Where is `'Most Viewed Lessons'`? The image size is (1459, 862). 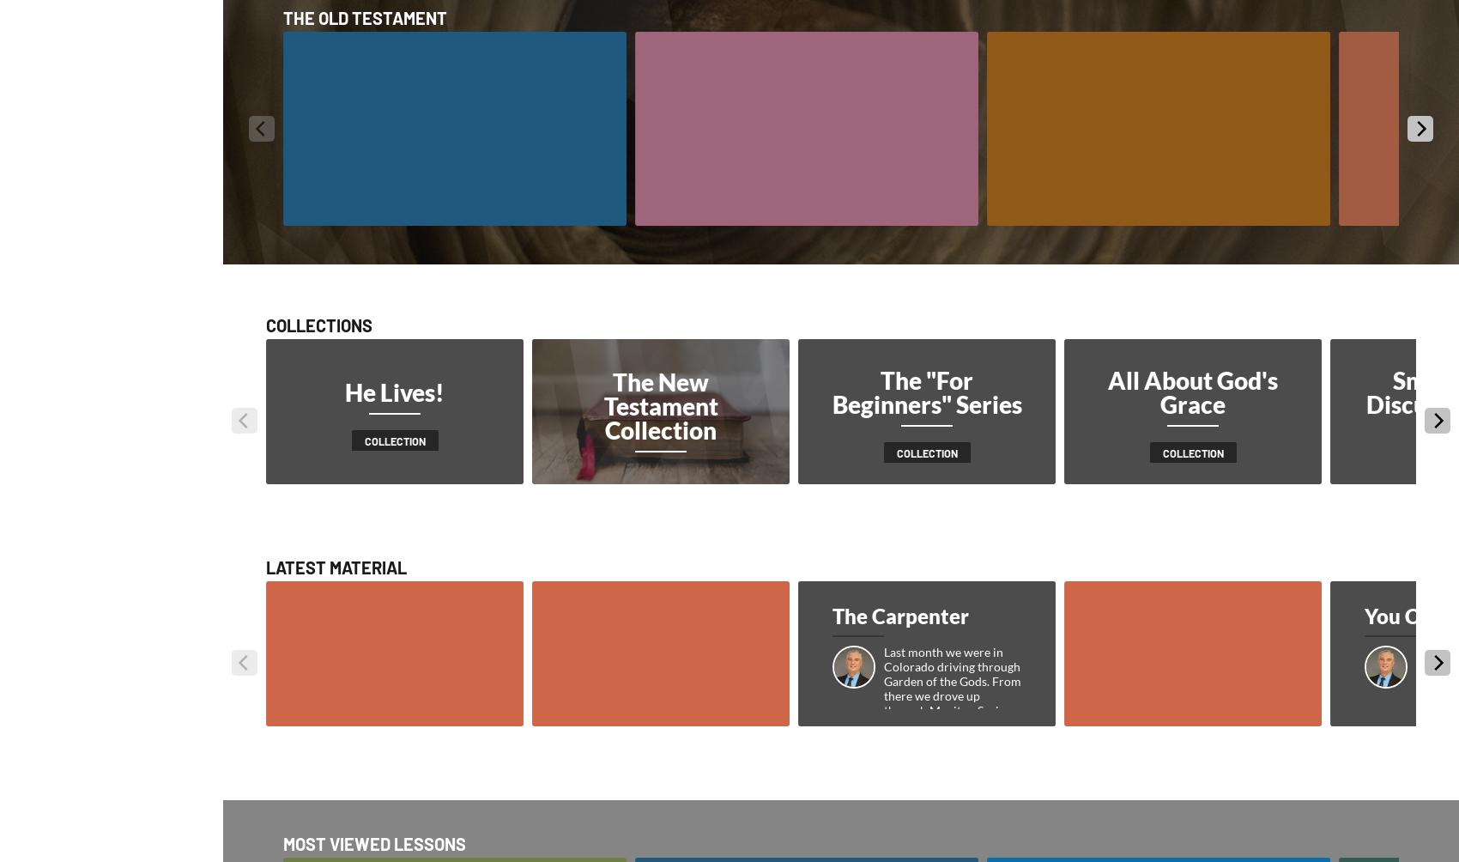 'Most Viewed Lessons' is located at coordinates (282, 842).